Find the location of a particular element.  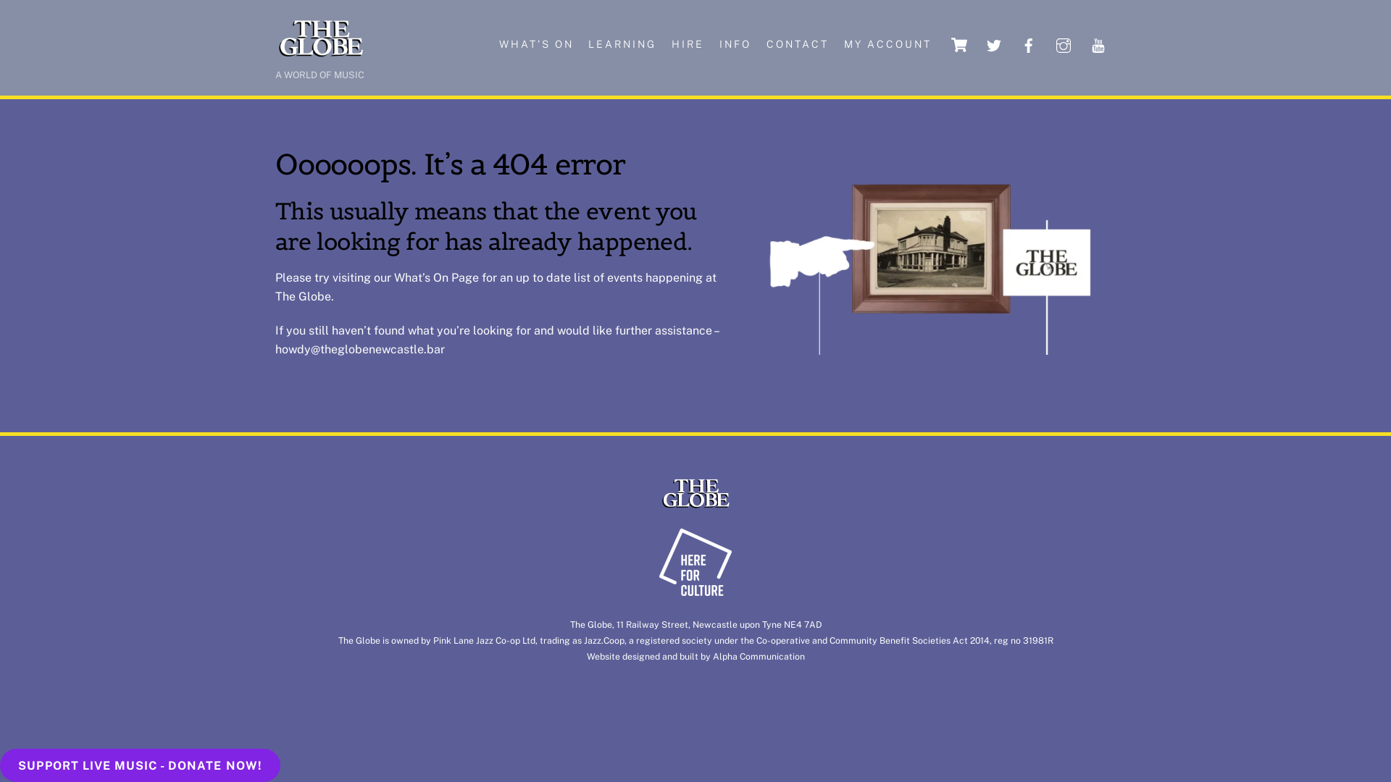

'The-Globe-Logo-TEXT-ONLY' is located at coordinates (695, 492).